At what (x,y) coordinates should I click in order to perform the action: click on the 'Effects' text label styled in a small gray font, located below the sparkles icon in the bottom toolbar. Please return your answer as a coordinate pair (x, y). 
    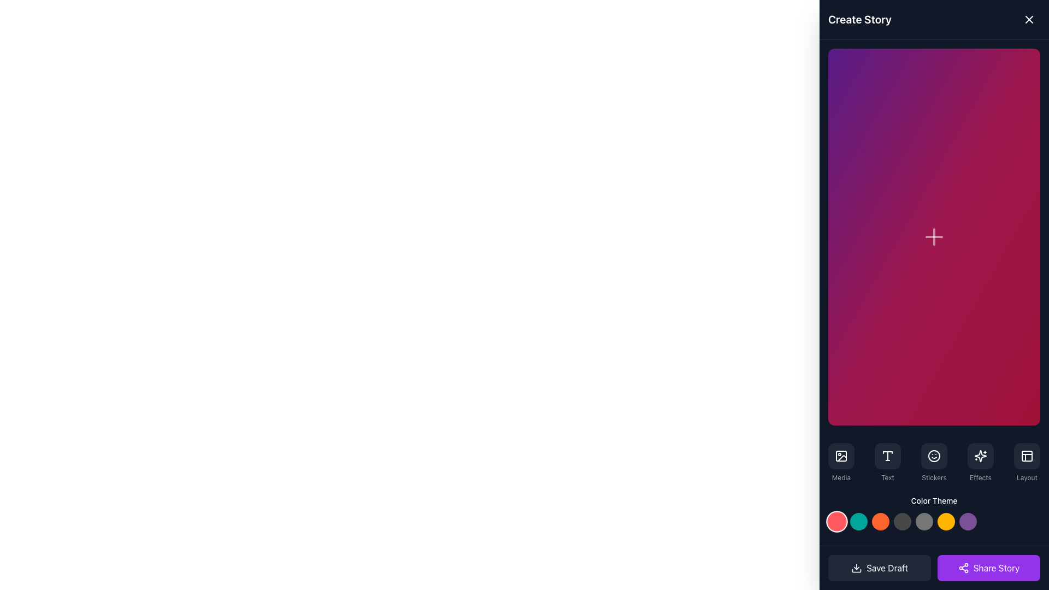
    Looking at the image, I should click on (981, 477).